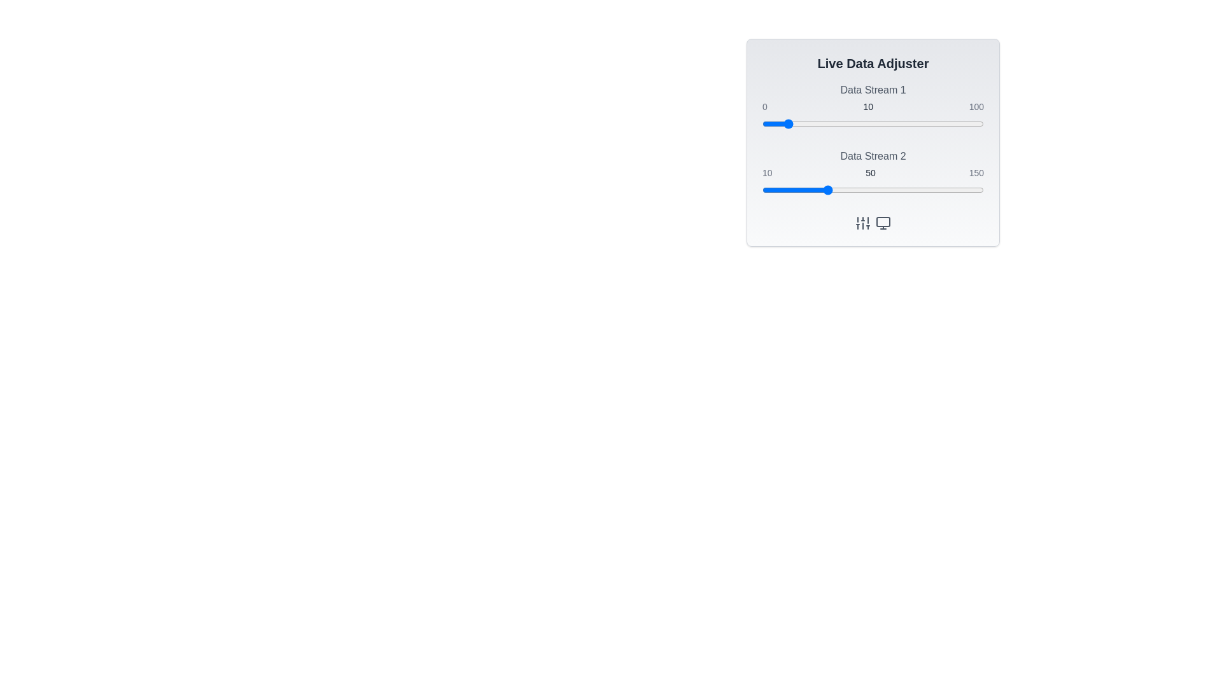 Image resolution: width=1222 pixels, height=687 pixels. What do you see at coordinates (927, 190) in the screenshot?
I see `the Data Stream 2 value` at bounding box center [927, 190].